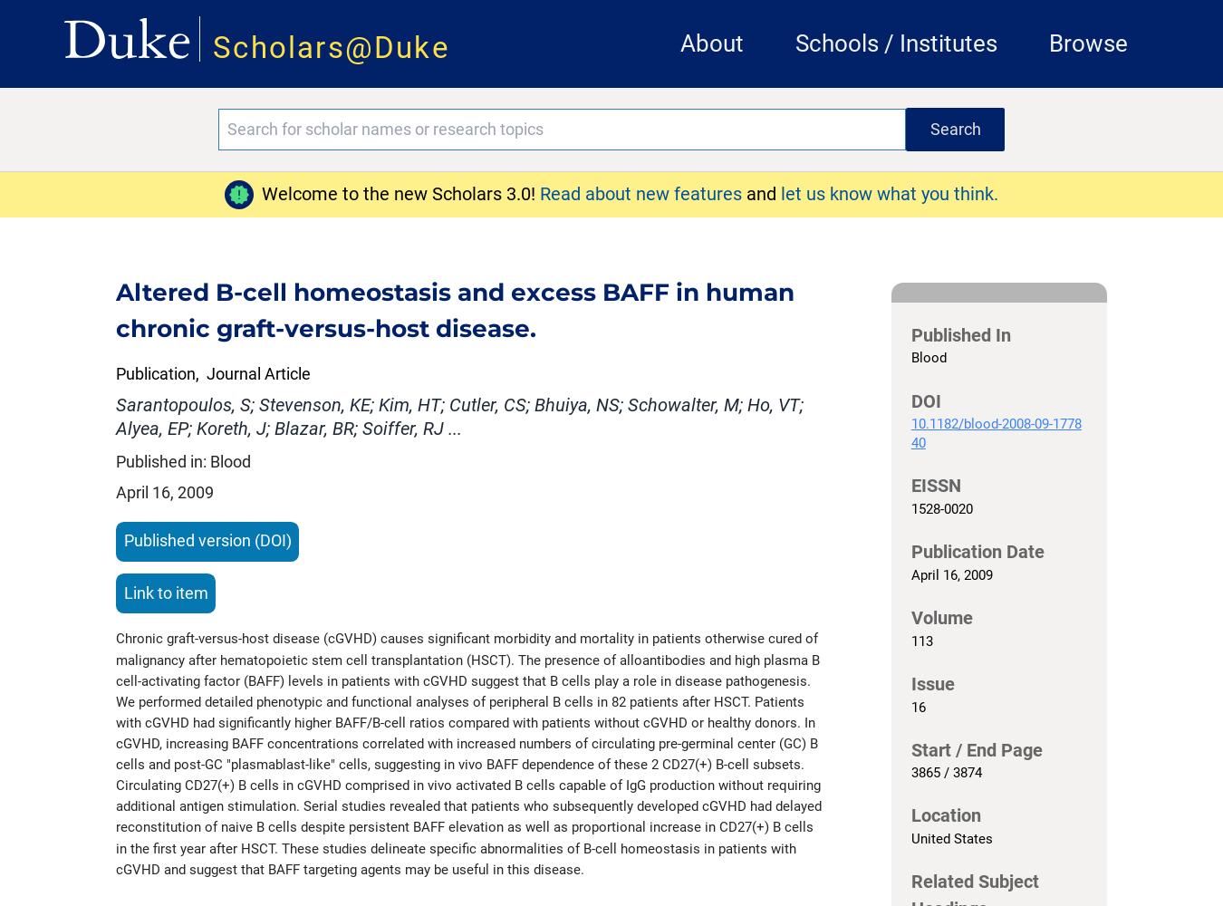 Image resolution: width=1223 pixels, height=906 pixels. Describe the element at coordinates (227, 193) in the screenshot. I see `'release_alert'` at that location.